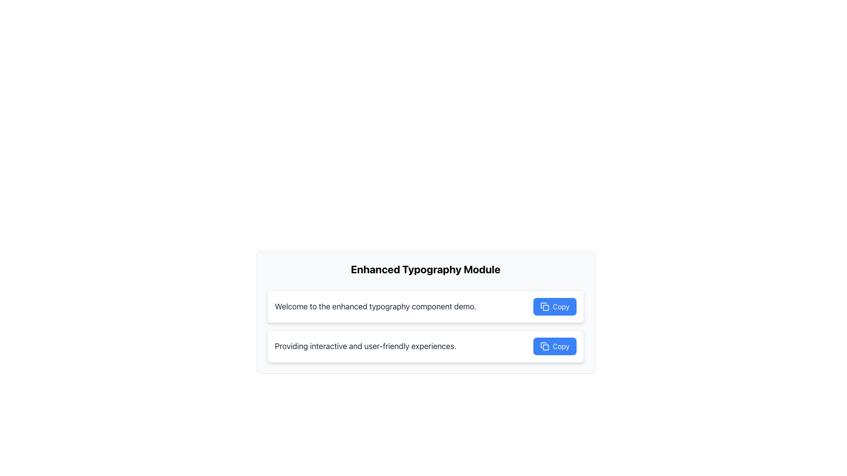 The width and height of the screenshot is (847, 476). I want to click on the 'Copy' button, which features a modern icon of overlapping documents and is located on the right side of the button labeled 'Copy', so click(544, 346).